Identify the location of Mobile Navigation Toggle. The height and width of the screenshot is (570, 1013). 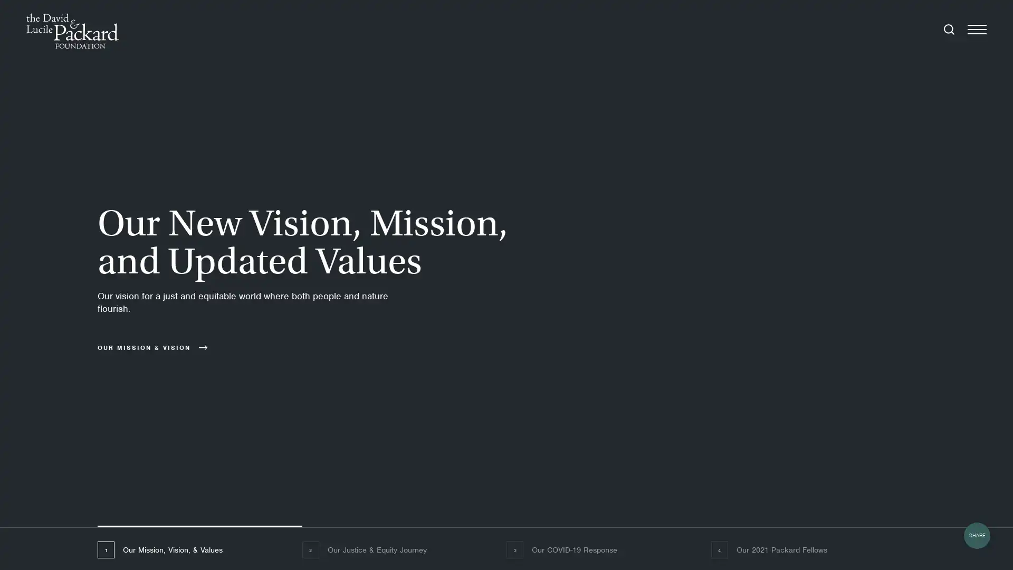
(977, 30).